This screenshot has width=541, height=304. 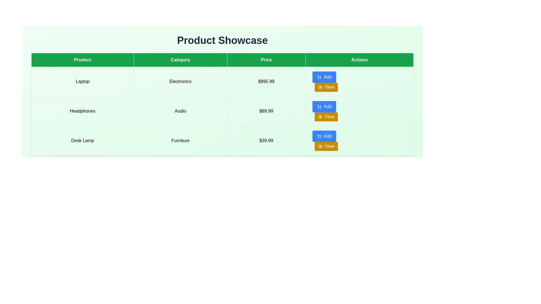 I want to click on the golden yellow 'View' button with white text in the 'Actions' column of the product table for the 'Laptop' product, so click(x=326, y=87).